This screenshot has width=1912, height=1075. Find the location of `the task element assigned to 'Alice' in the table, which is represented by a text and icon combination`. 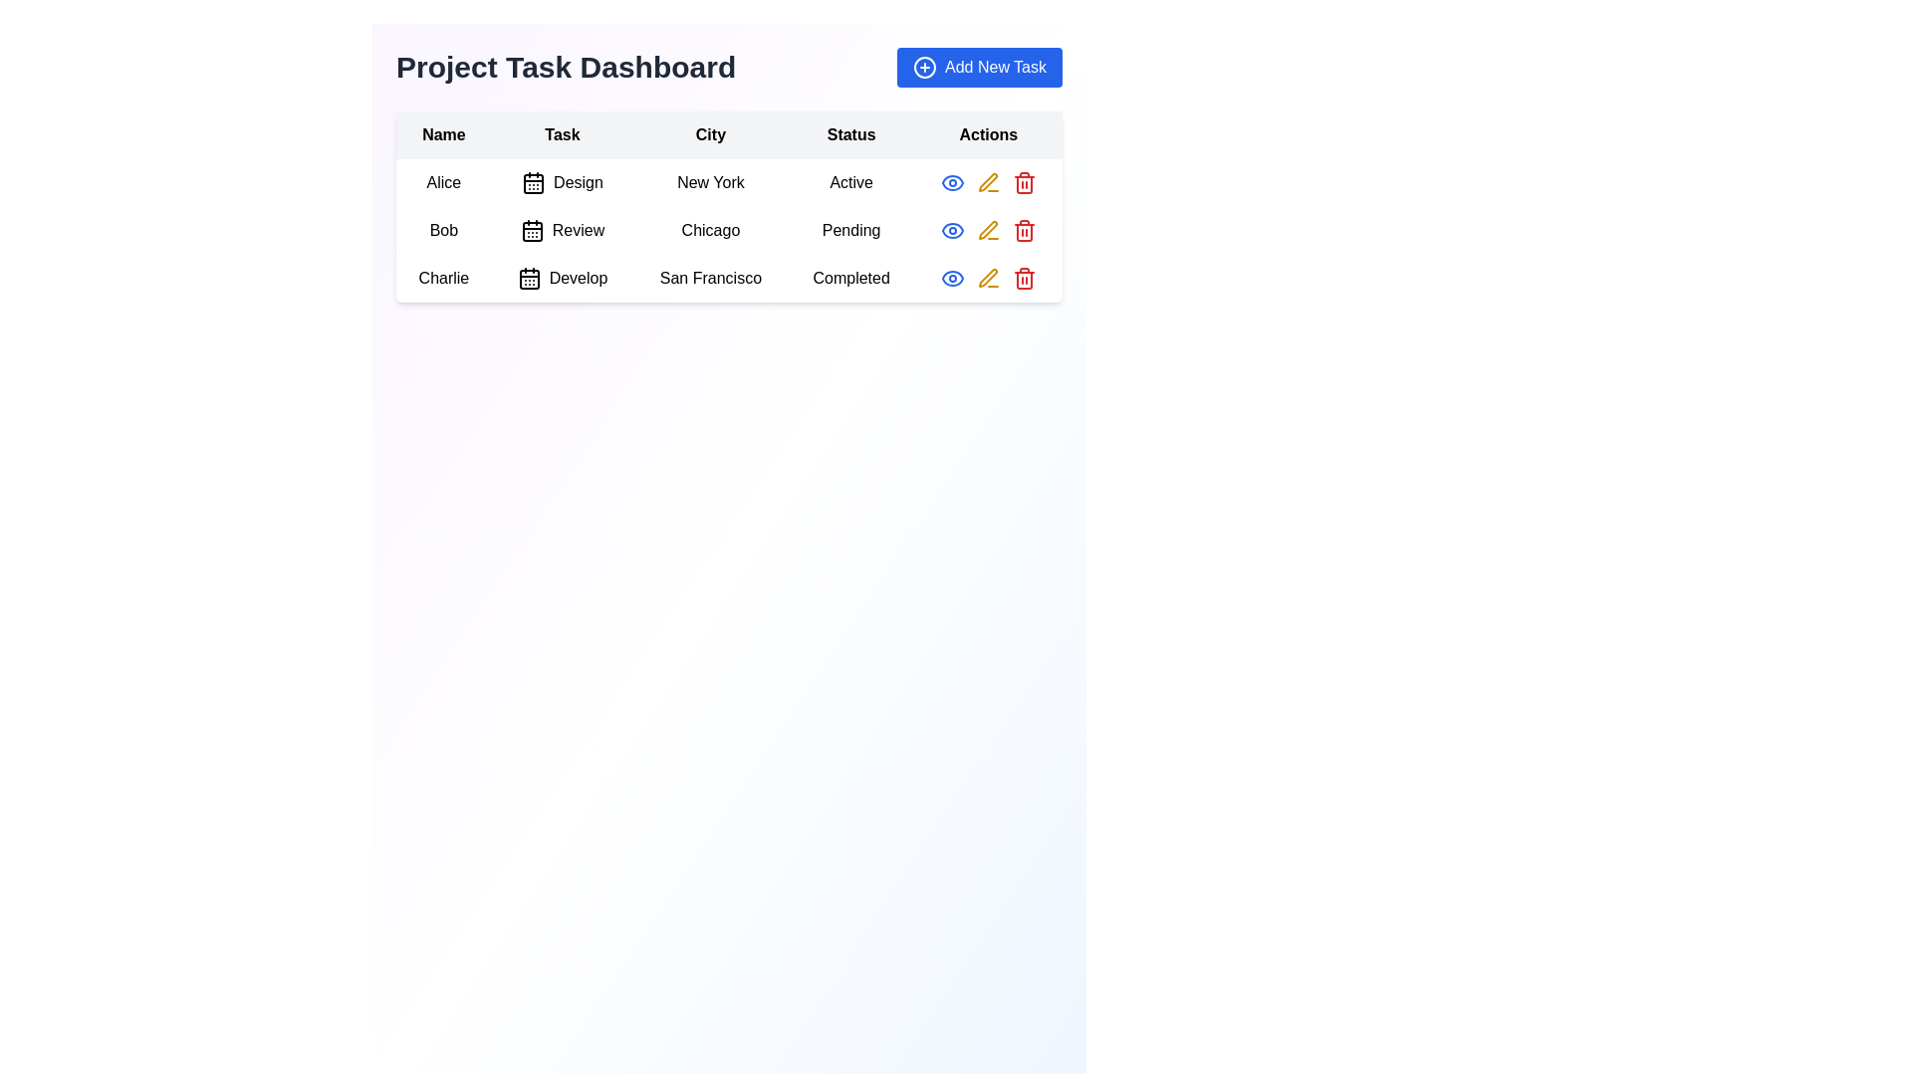

the task element assigned to 'Alice' in the table, which is represented by a text and icon combination is located at coordinates (562, 183).